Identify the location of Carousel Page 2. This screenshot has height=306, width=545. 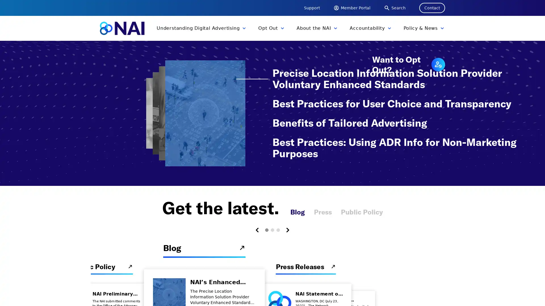
(272, 230).